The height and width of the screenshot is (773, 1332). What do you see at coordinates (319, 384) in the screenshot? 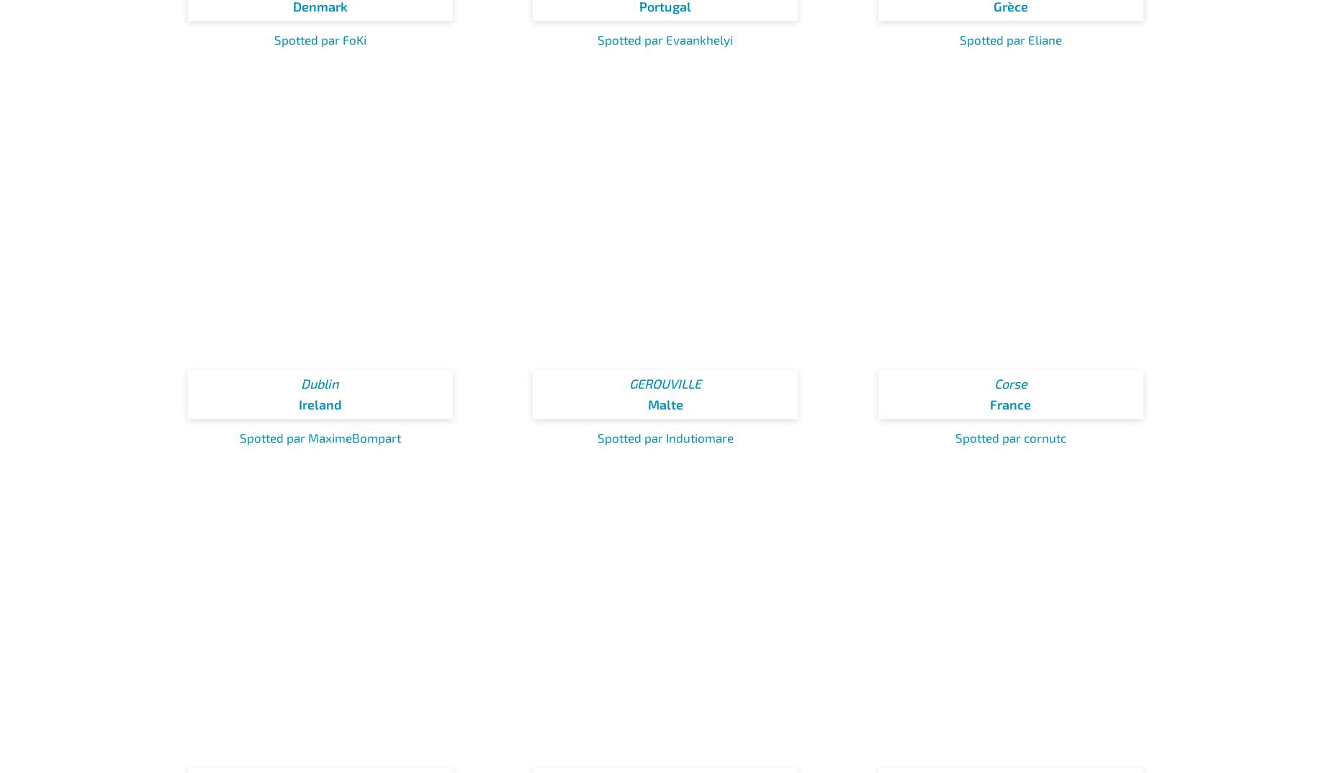
I see `'Dublin'` at bounding box center [319, 384].